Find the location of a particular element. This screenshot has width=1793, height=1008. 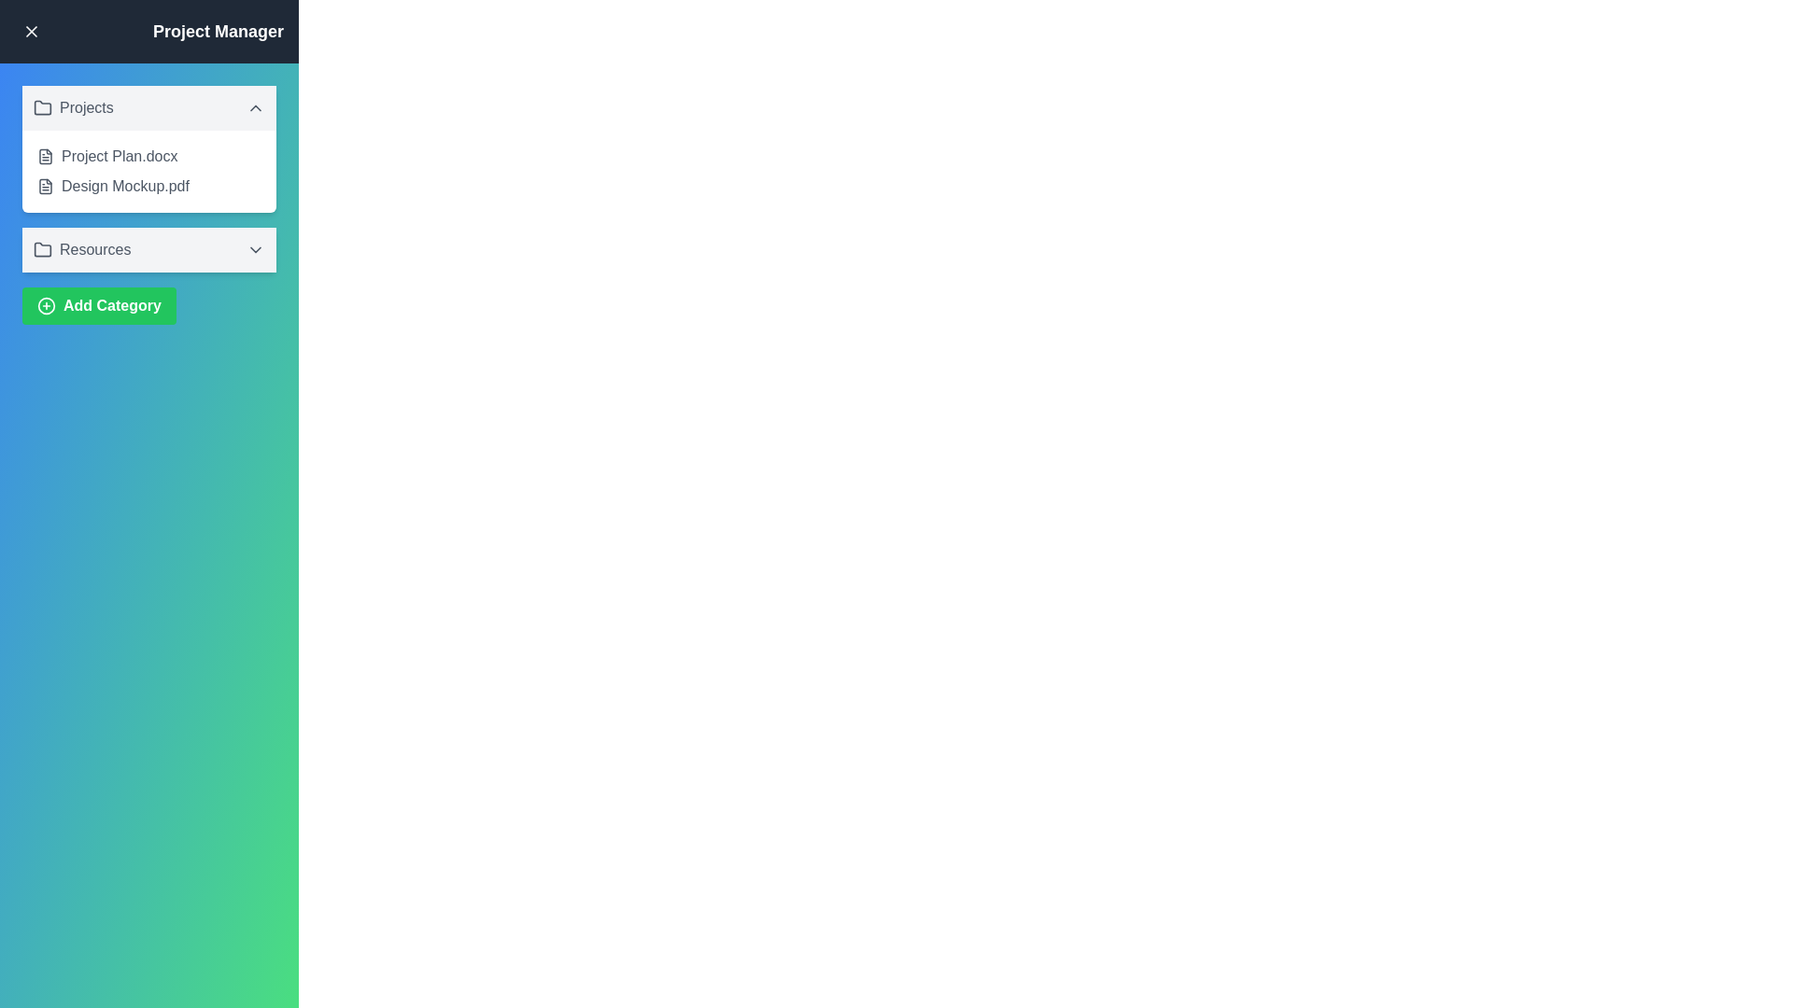

the 'Projects' text label element, which is positioned next to a folder icon and an arrow indicator in the collapsible section header is located at coordinates (85, 107).